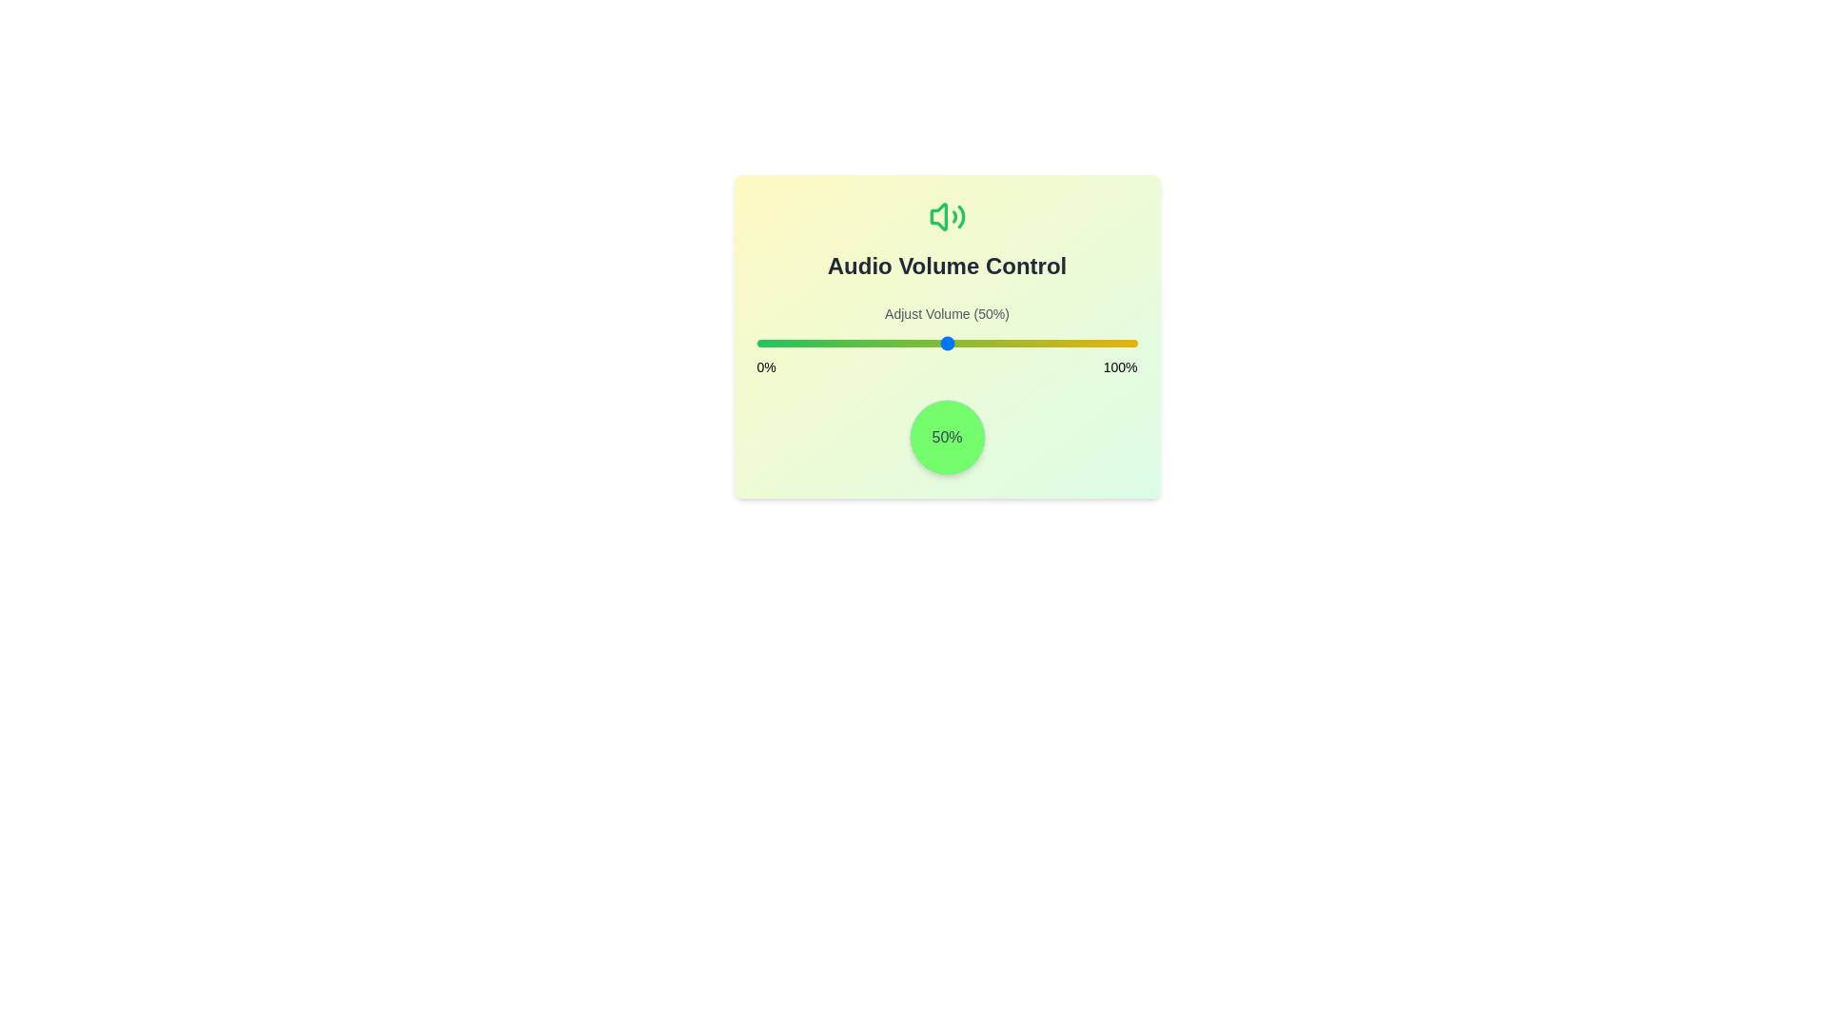 The height and width of the screenshot is (1028, 1827). I want to click on the volume to 99% by dragging the slider, so click(1133, 344).